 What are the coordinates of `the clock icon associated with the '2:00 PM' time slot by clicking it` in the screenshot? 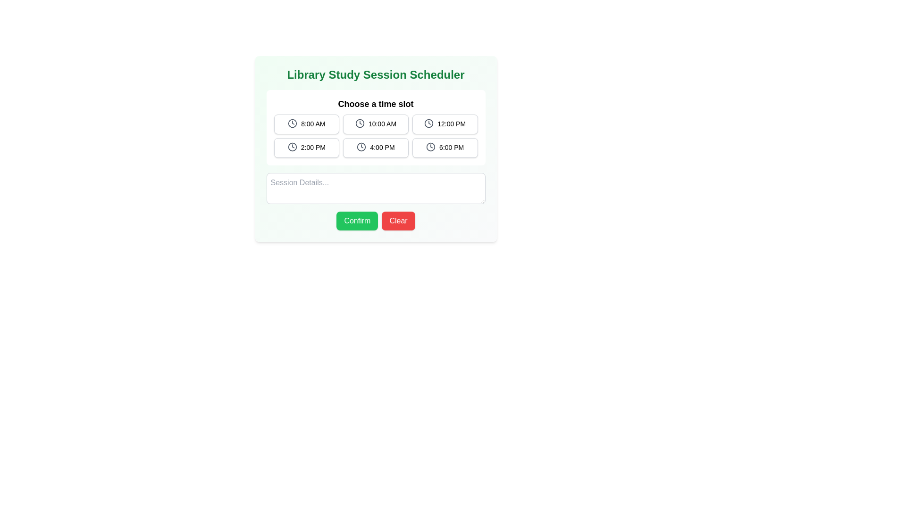 It's located at (292, 147).